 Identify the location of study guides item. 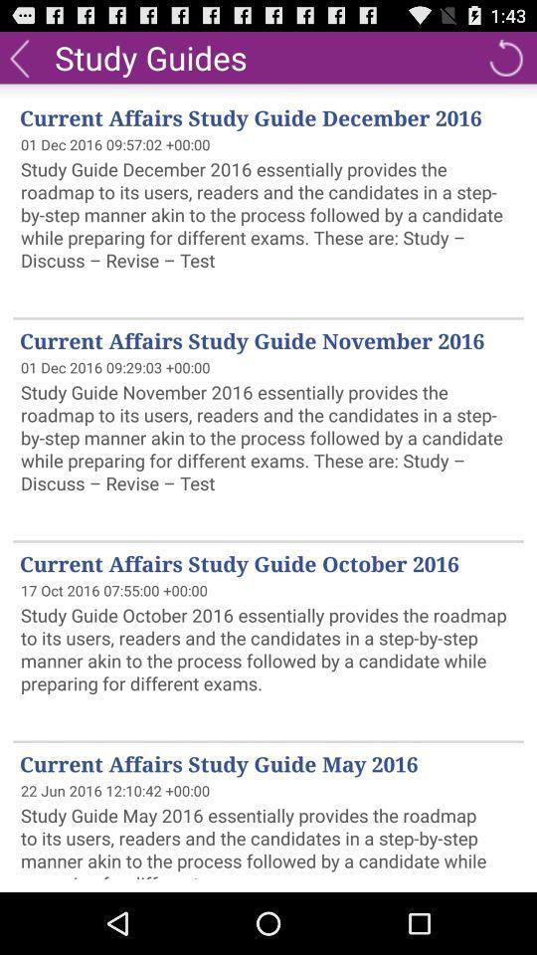
(149, 56).